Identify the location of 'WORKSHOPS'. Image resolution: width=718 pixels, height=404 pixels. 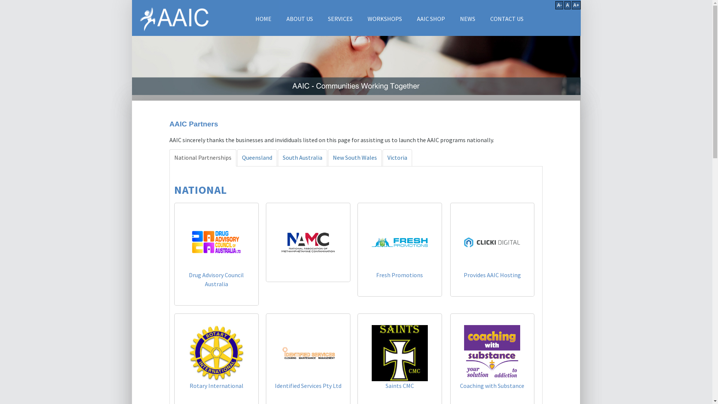
(384, 18).